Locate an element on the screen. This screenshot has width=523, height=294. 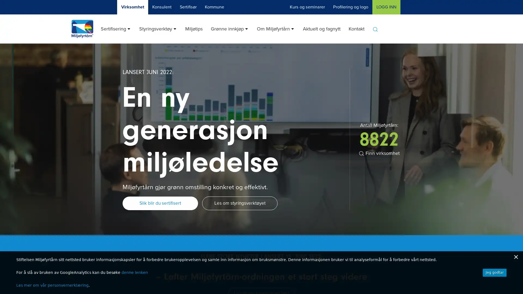
Jeg godtar is located at coordinates (494, 272).